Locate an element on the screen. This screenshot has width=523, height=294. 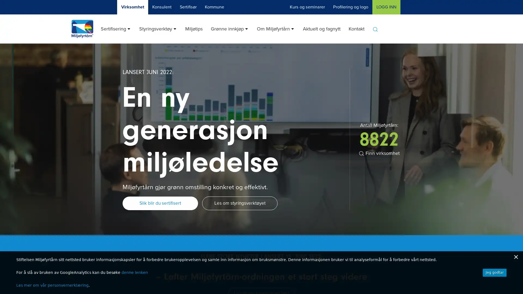
Jeg godtar is located at coordinates (494, 272).